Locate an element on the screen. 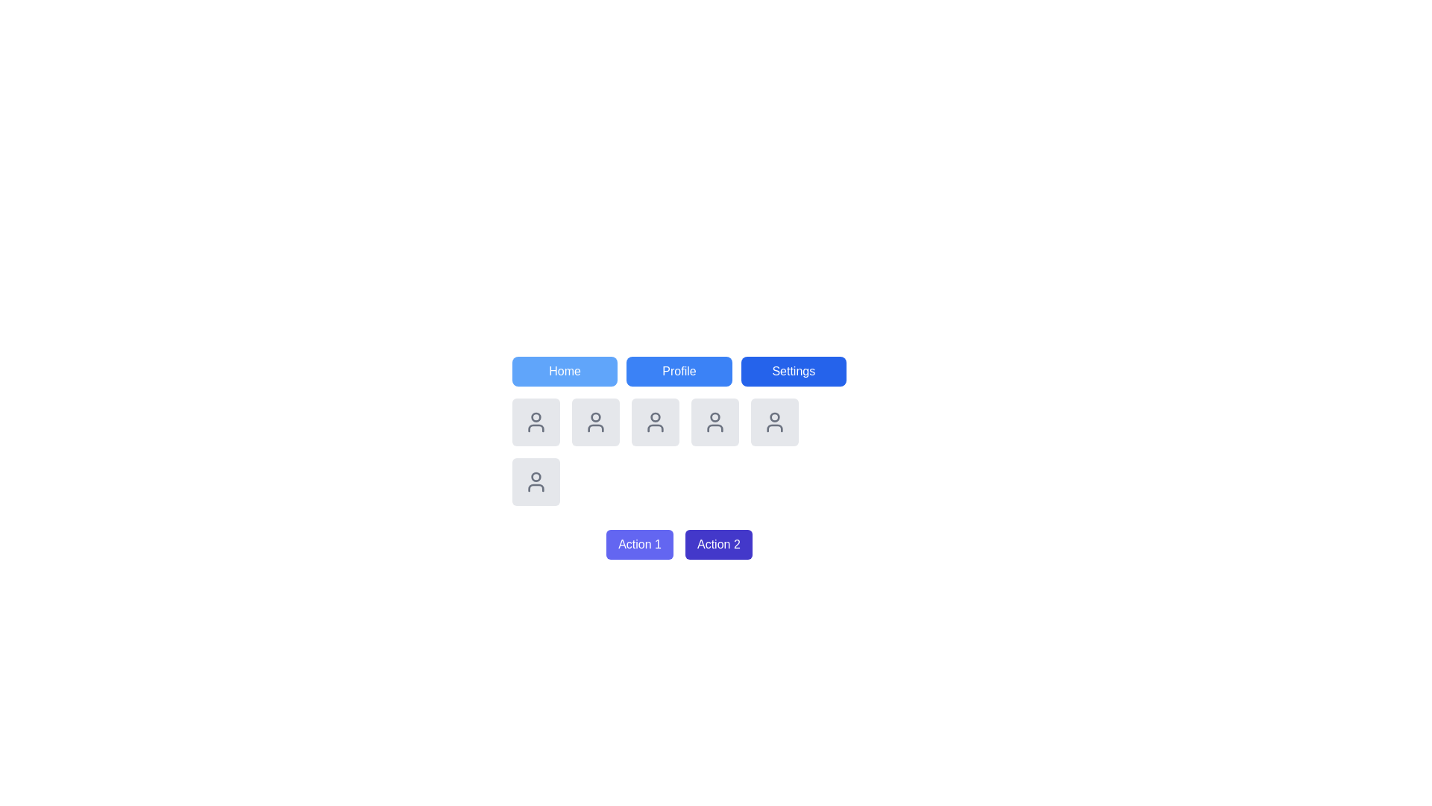 This screenshot has width=1432, height=806. the Icon button, which is a non-interactive square button with a gray background and a user icon, located in the fifth position of the first row of buttons is located at coordinates (715, 422).